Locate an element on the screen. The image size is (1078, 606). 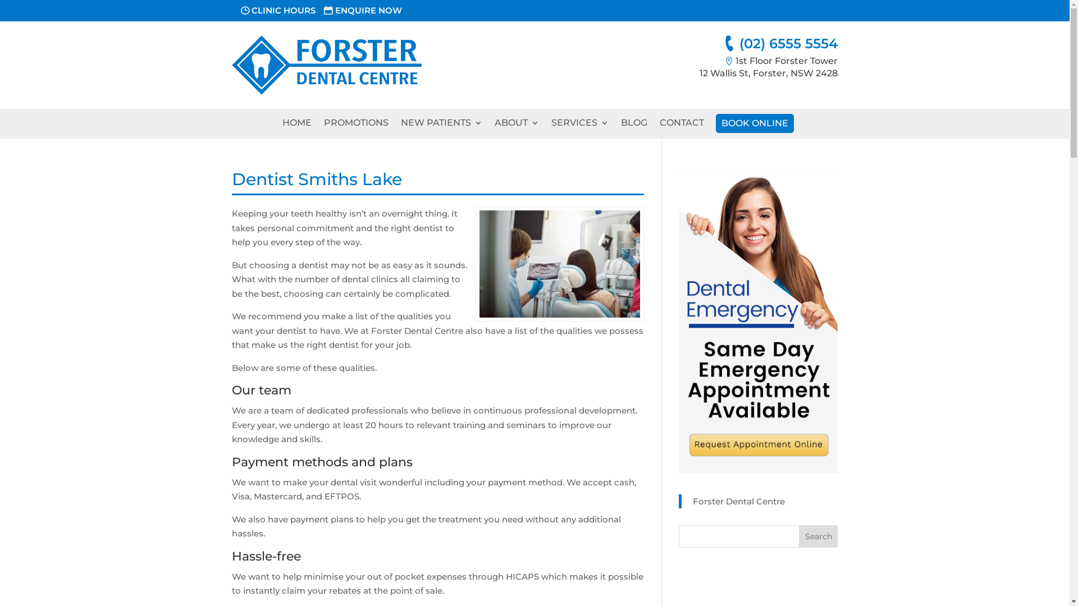
'PROMOTIONS' is located at coordinates (355, 126).